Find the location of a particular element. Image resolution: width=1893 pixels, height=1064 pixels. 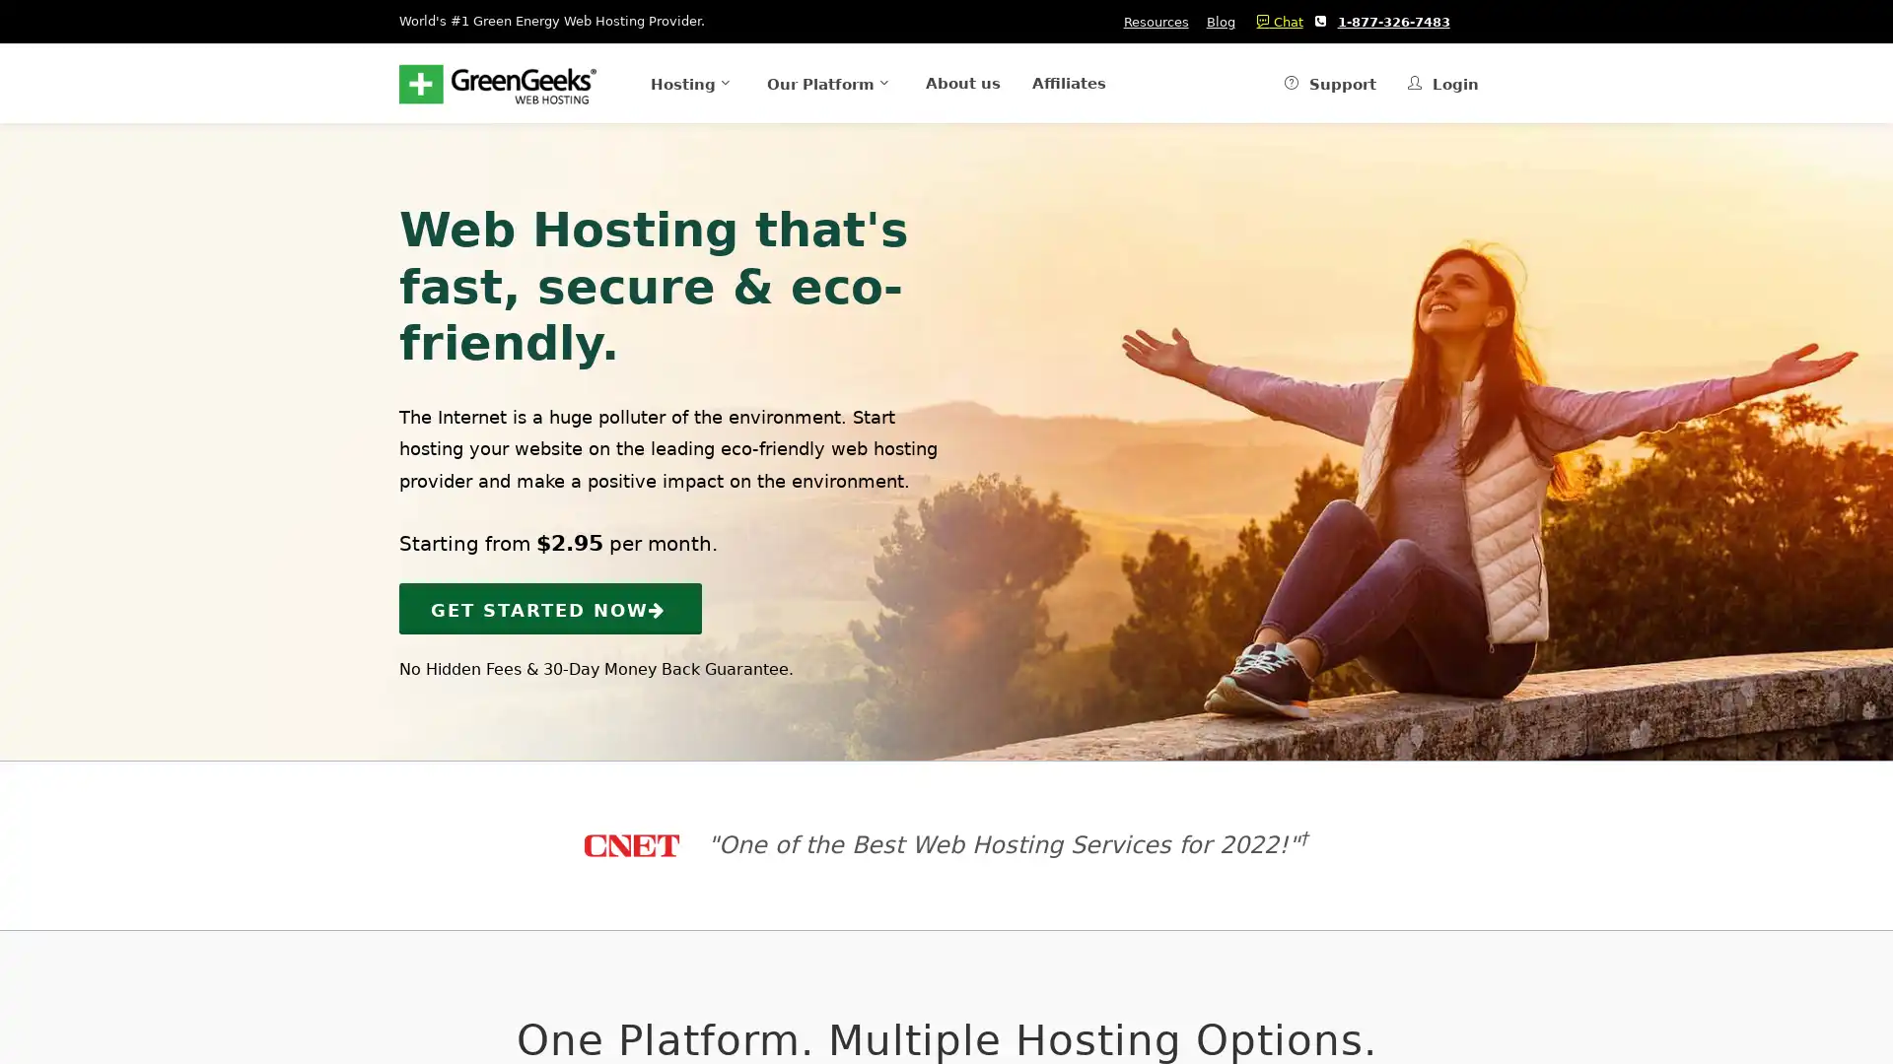

Chat is located at coordinates (1274, 22).